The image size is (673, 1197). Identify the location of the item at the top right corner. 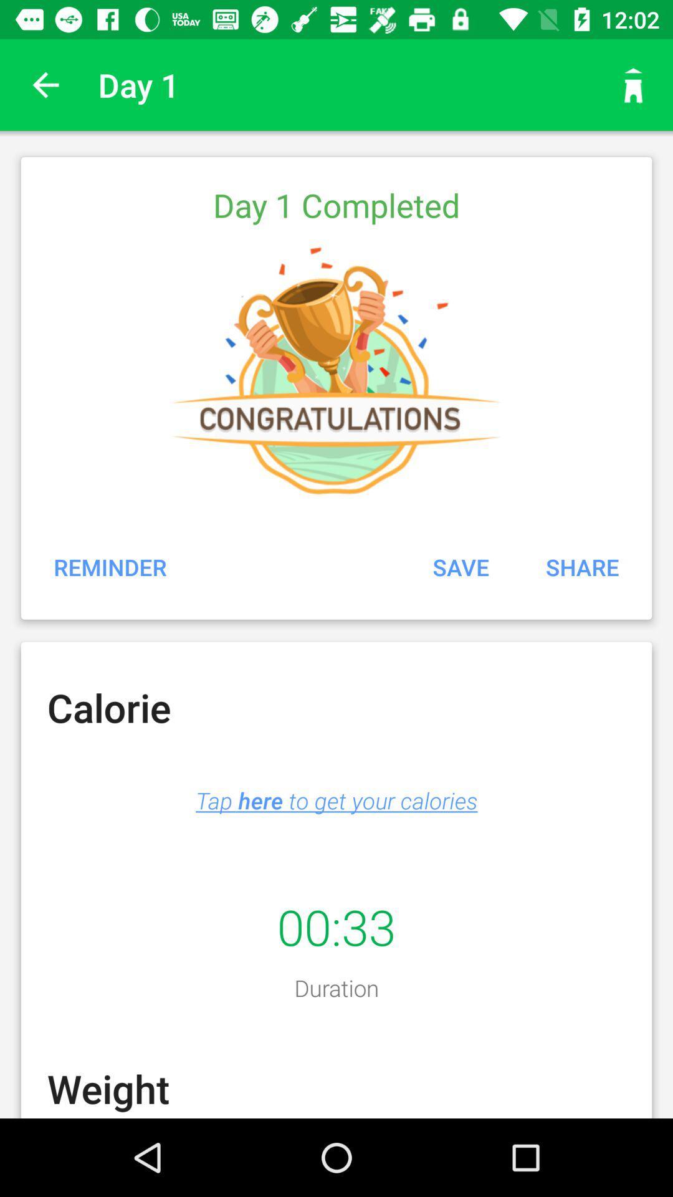
(634, 84).